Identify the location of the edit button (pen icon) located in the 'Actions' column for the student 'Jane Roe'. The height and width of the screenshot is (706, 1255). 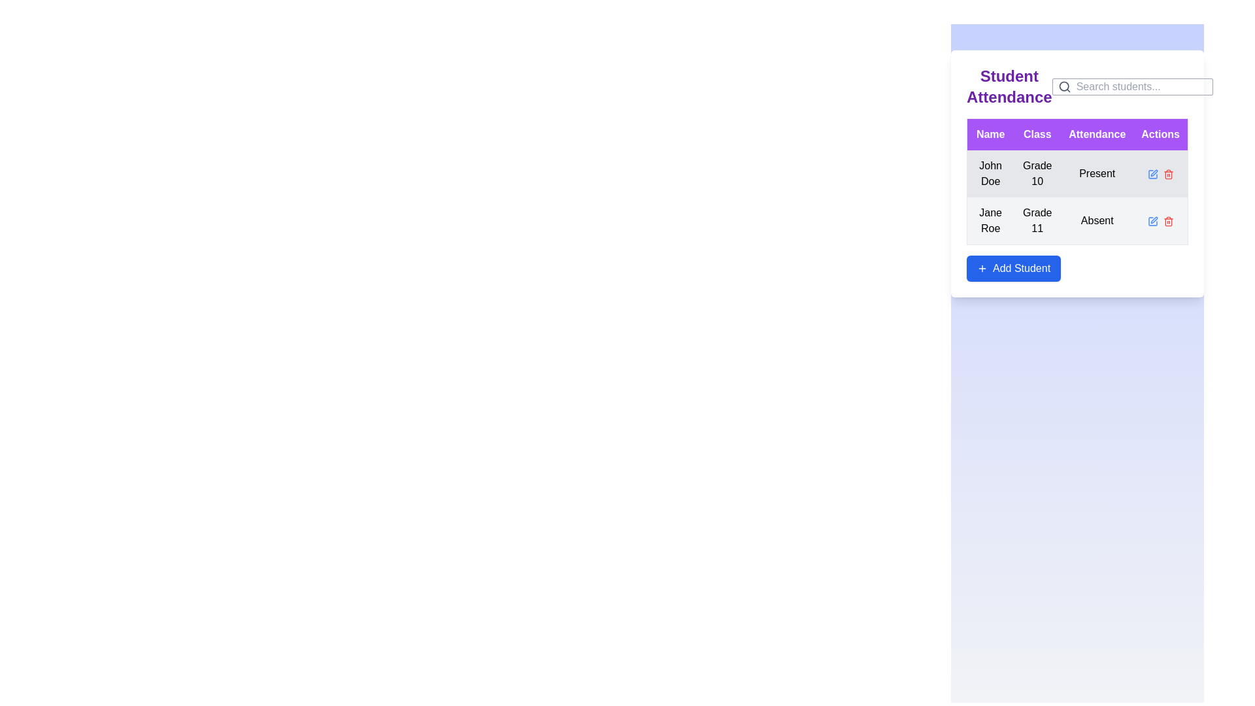
(1154, 172).